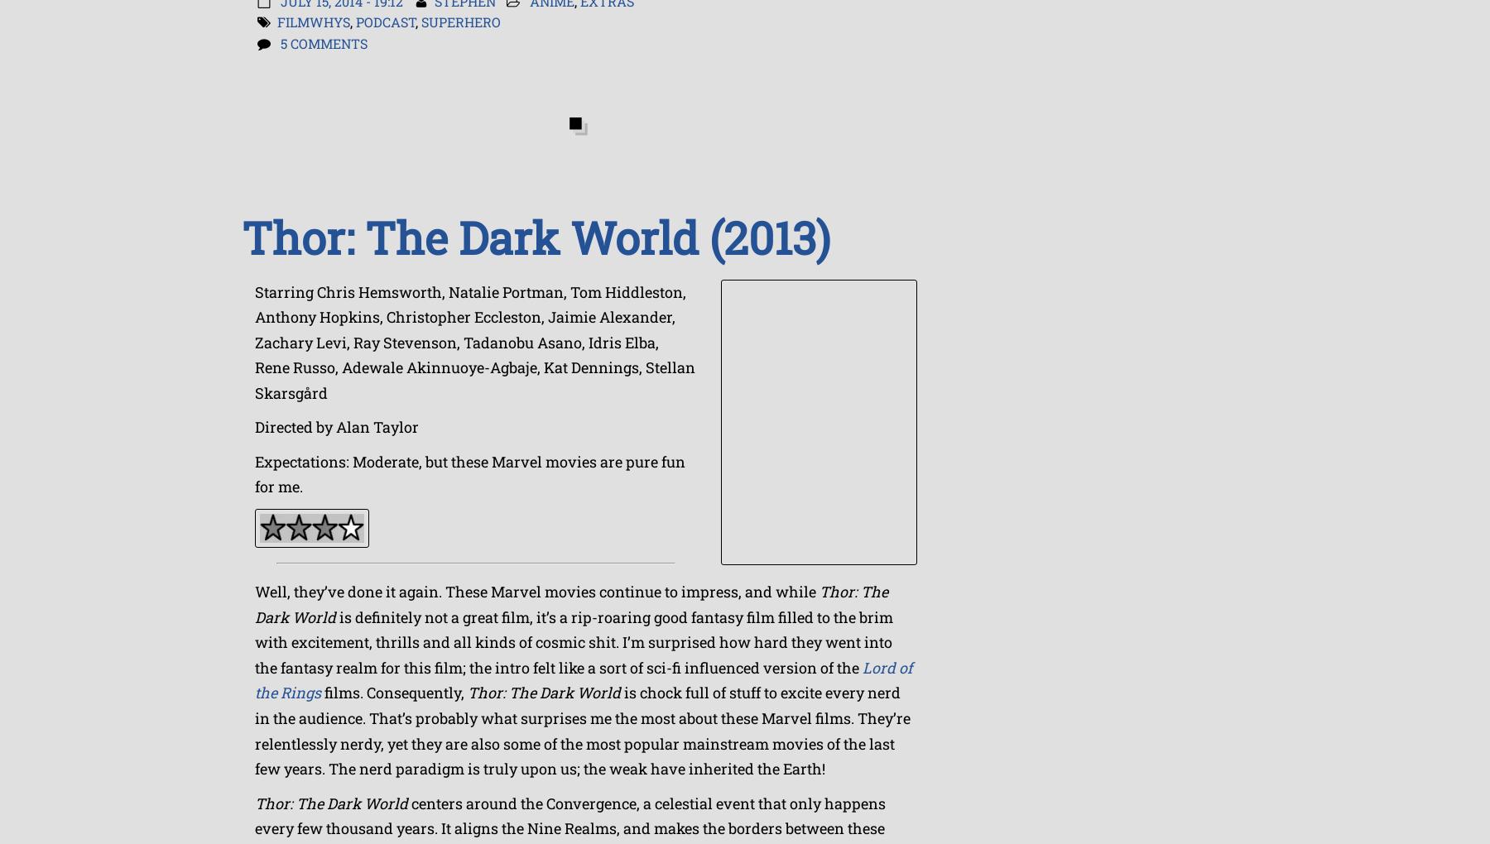 The height and width of the screenshot is (844, 1490). Describe the element at coordinates (470, 473) in the screenshot. I see `'Expectations: Moderate, but these Marvel movies are pure fun for me.'` at that location.